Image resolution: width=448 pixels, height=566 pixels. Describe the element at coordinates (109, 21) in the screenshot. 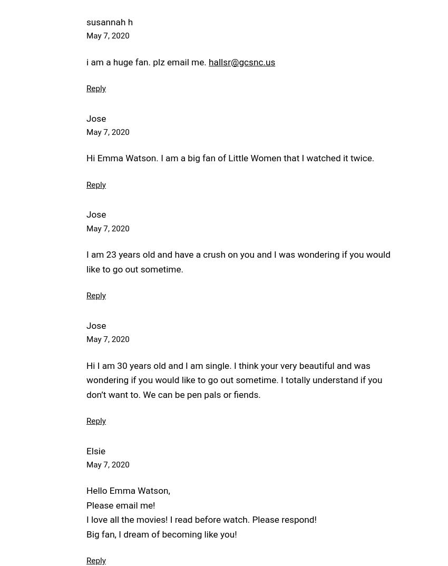

I see `'susannah h'` at that location.